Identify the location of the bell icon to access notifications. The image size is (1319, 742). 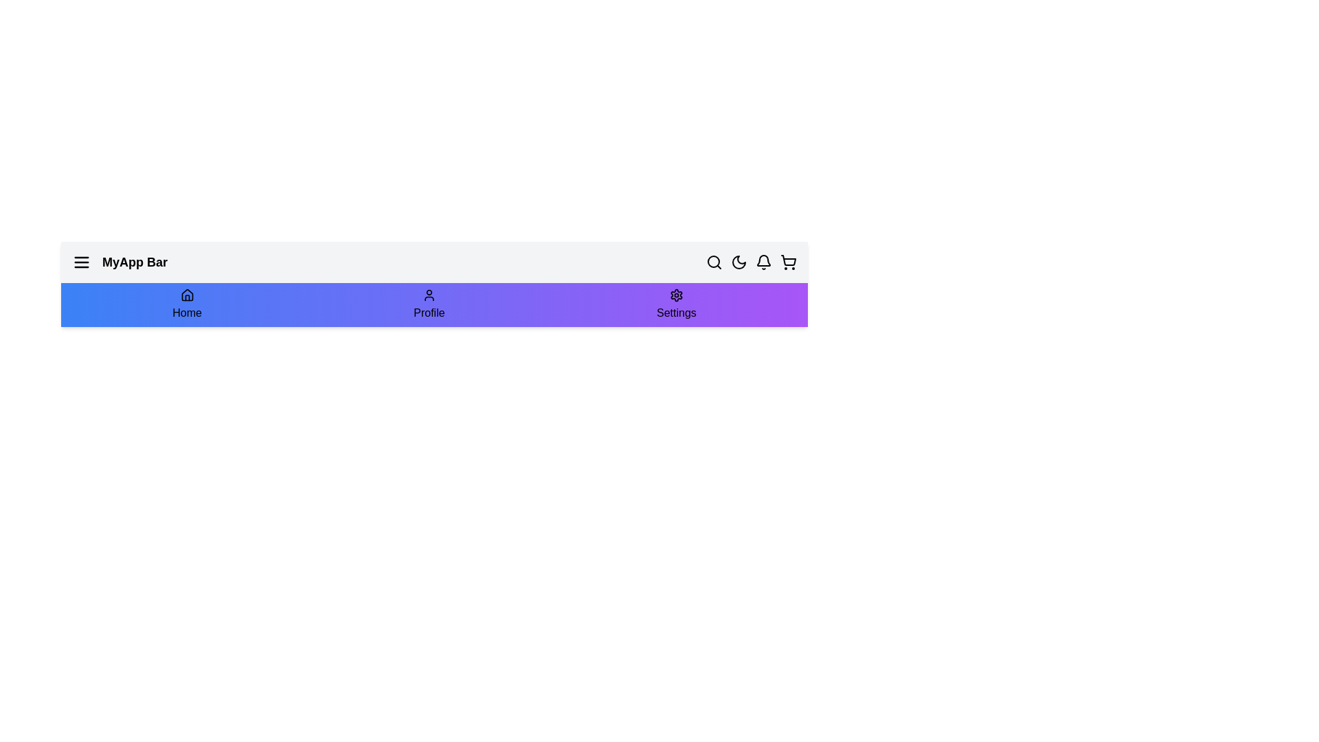
(763, 262).